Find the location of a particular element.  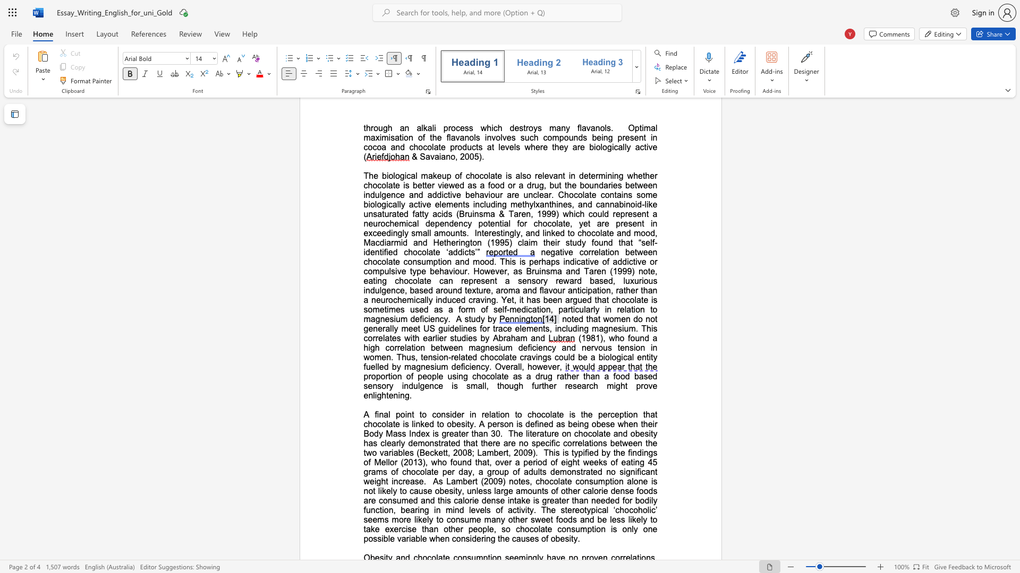

the subset text "wei" within the text "no significant weight increase" is located at coordinates (363, 481).